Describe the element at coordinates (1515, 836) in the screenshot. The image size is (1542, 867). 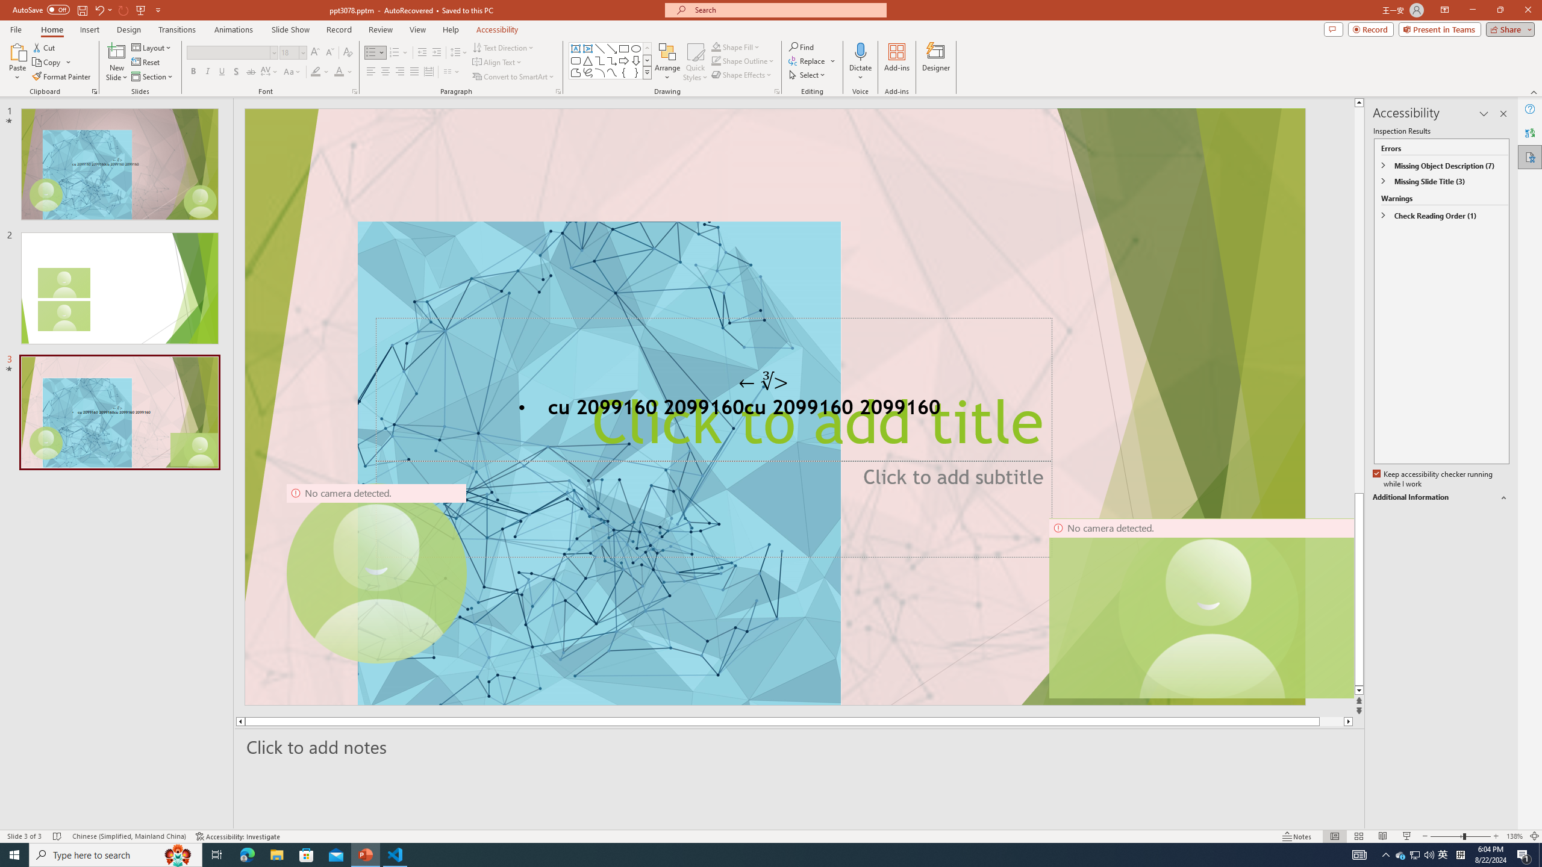
I see `'Zoom 138%'` at that location.